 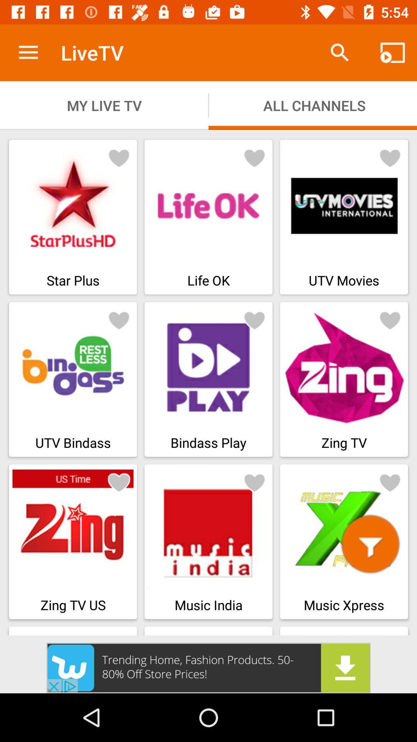 What do you see at coordinates (254, 482) in the screenshot?
I see `like page` at bounding box center [254, 482].